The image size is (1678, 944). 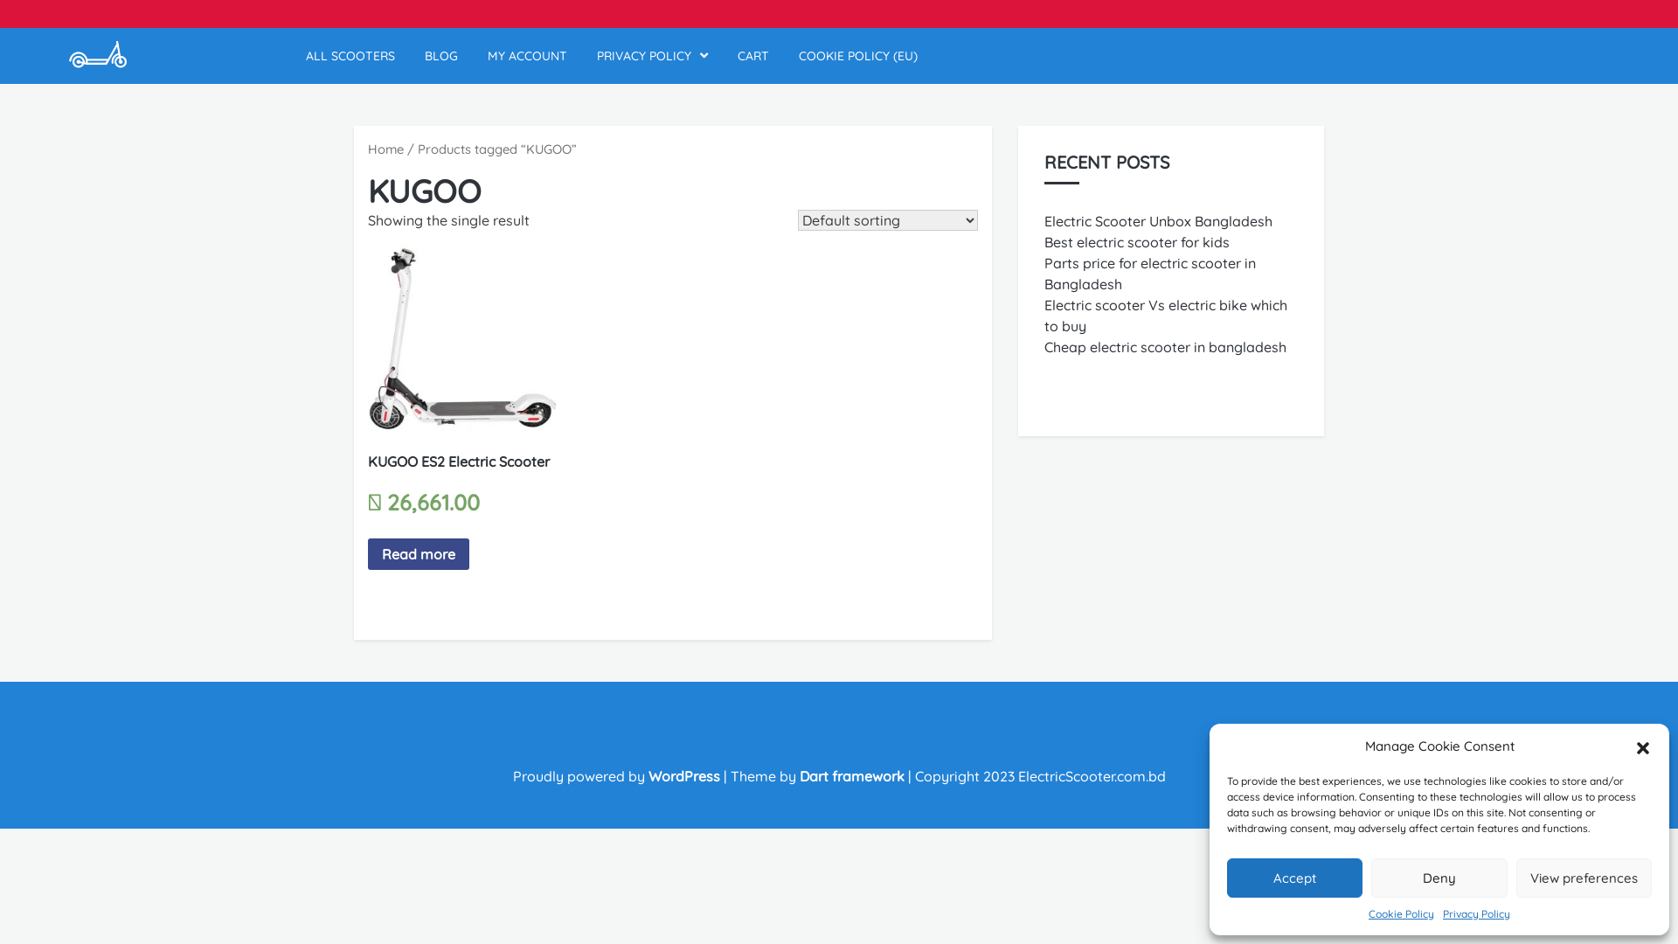 I want to click on 'Privacy Policy', so click(x=1475, y=913).